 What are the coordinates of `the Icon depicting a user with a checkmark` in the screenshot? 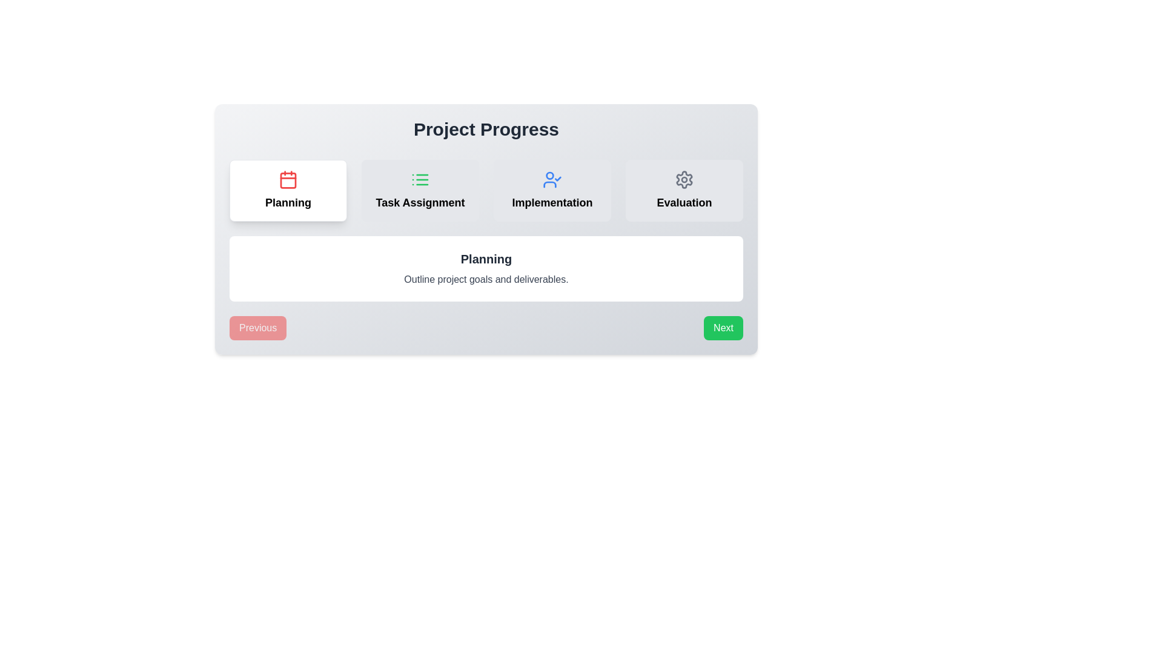 It's located at (552, 180).